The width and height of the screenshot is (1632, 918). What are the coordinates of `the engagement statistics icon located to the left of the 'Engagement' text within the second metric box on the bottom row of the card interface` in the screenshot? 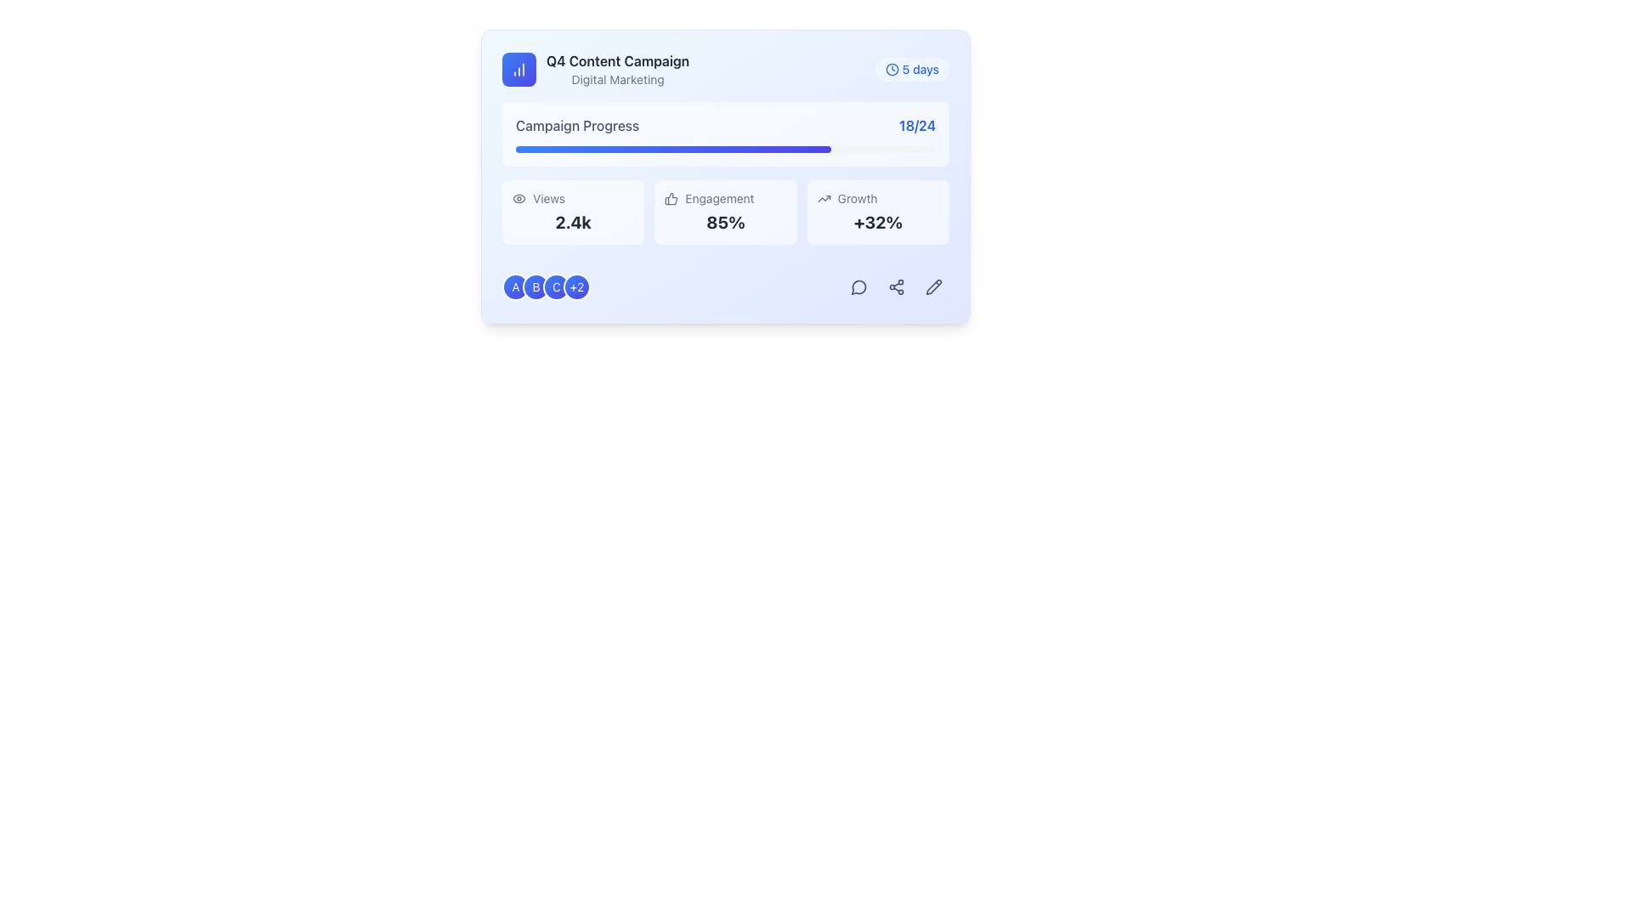 It's located at (671, 198).